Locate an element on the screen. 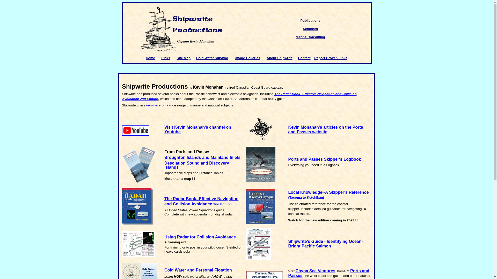 The width and height of the screenshot is (497, 279). 'Site Map' is located at coordinates (184, 58).